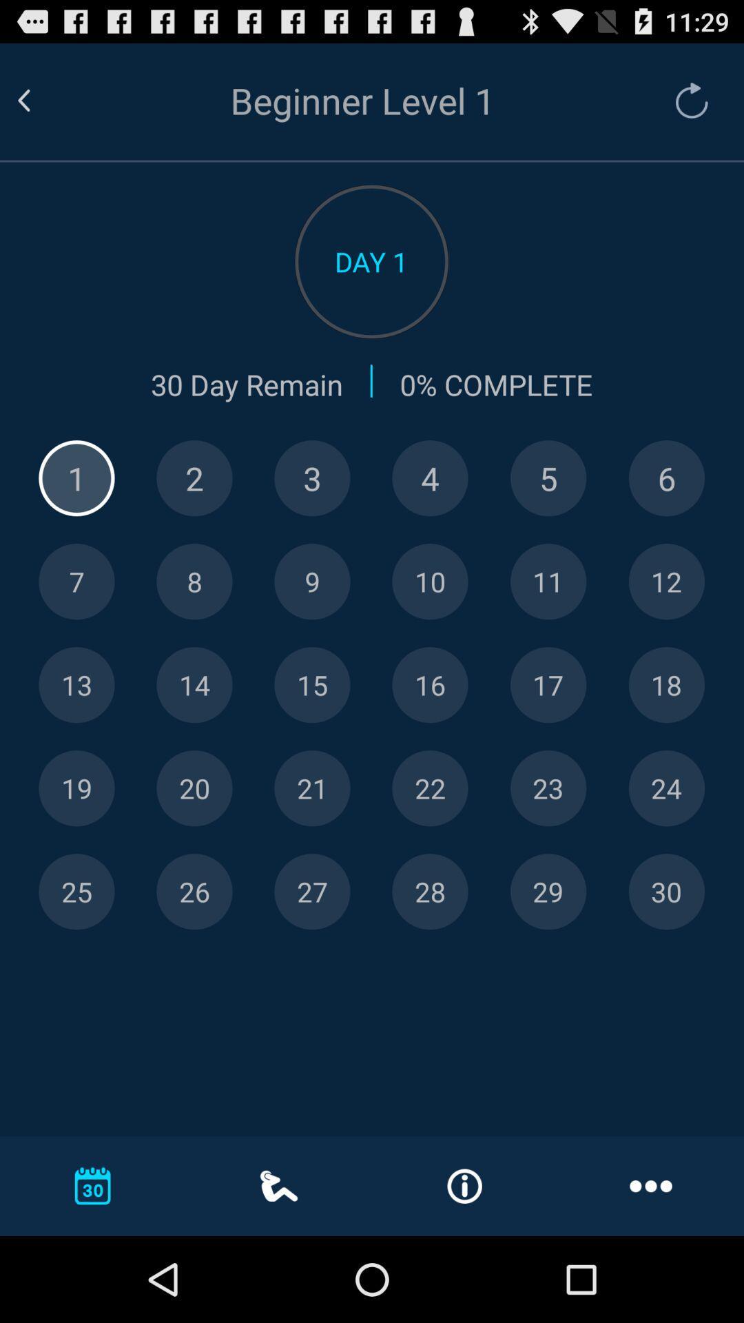 The image size is (744, 1323). I want to click on second row twelve, so click(665, 582).